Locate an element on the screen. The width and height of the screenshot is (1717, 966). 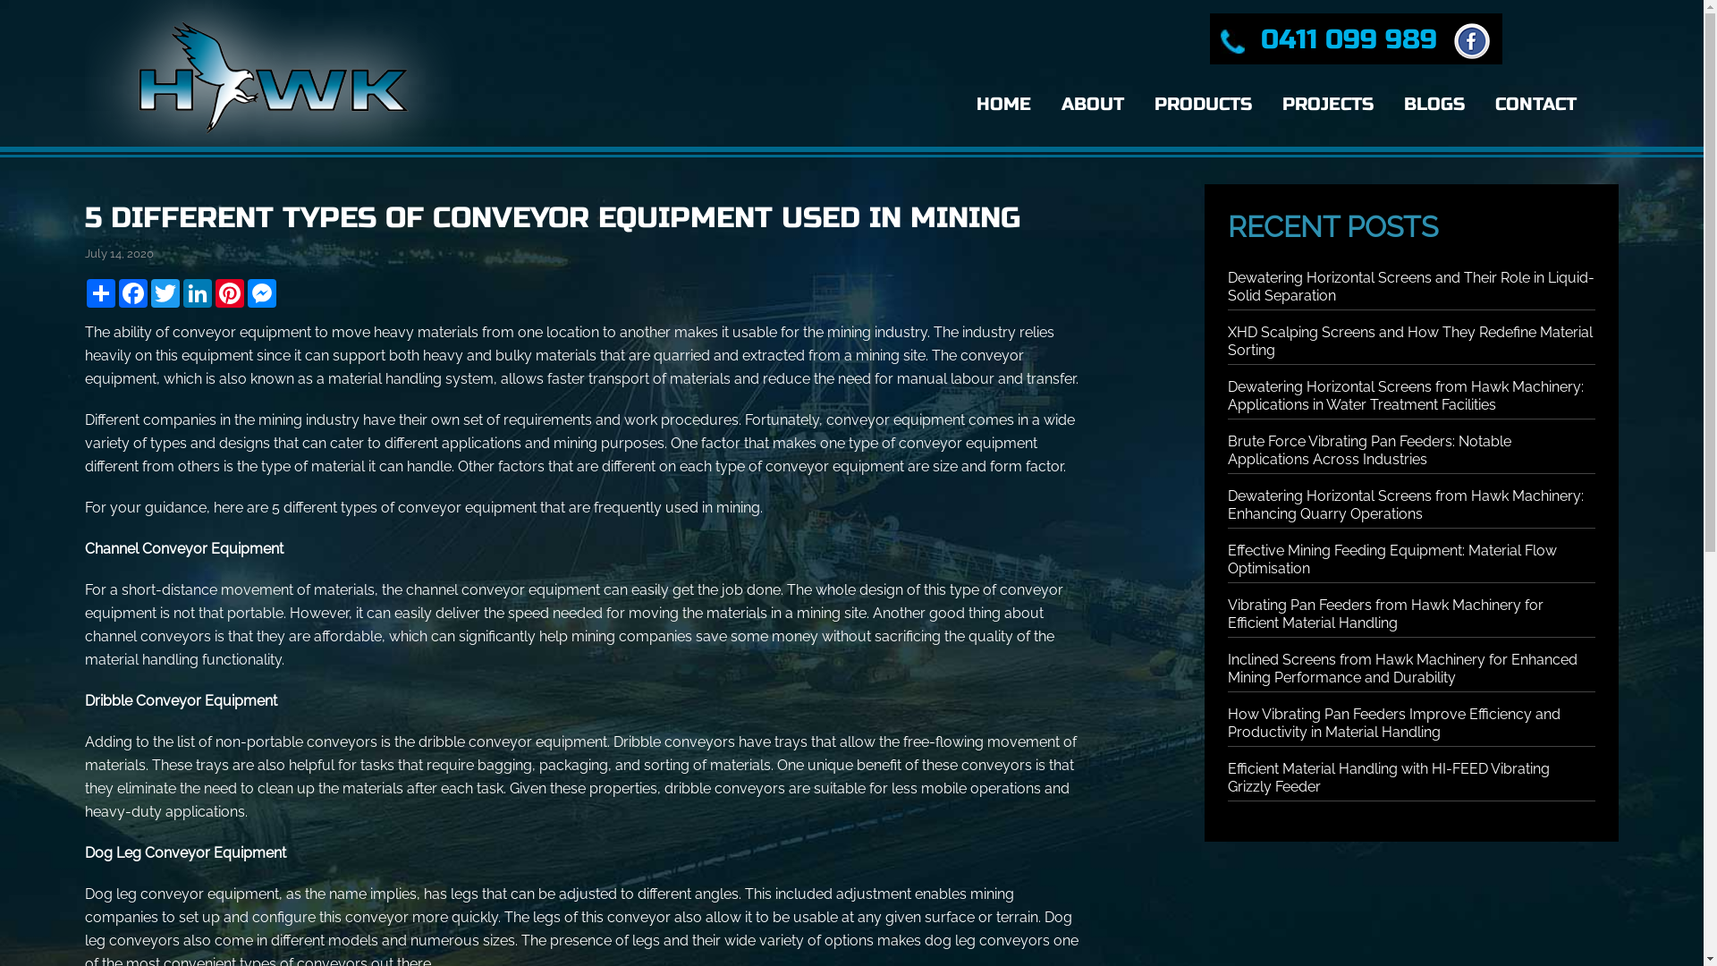
'XHD Scalping Screens and How They Redefine Material Sorting' is located at coordinates (1409, 341).